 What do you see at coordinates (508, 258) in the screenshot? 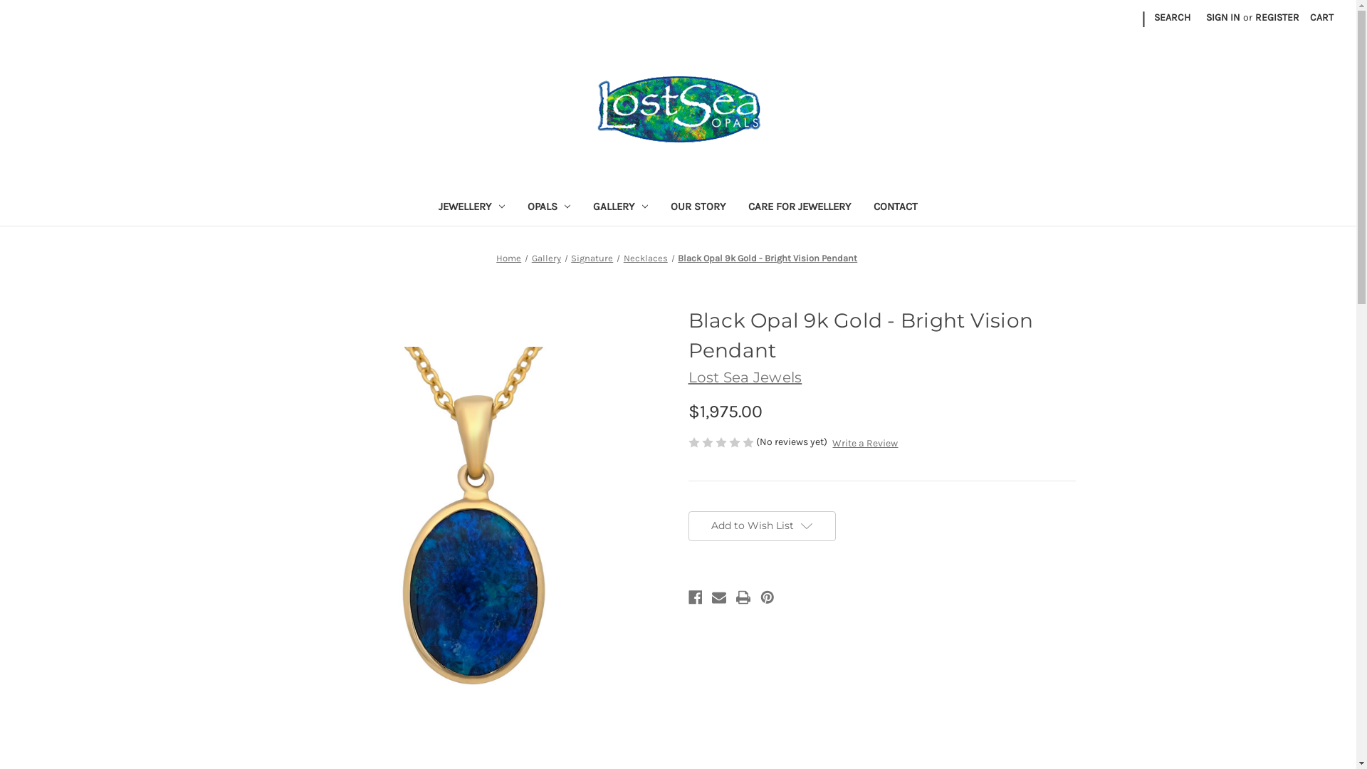
I see `'Home'` at bounding box center [508, 258].